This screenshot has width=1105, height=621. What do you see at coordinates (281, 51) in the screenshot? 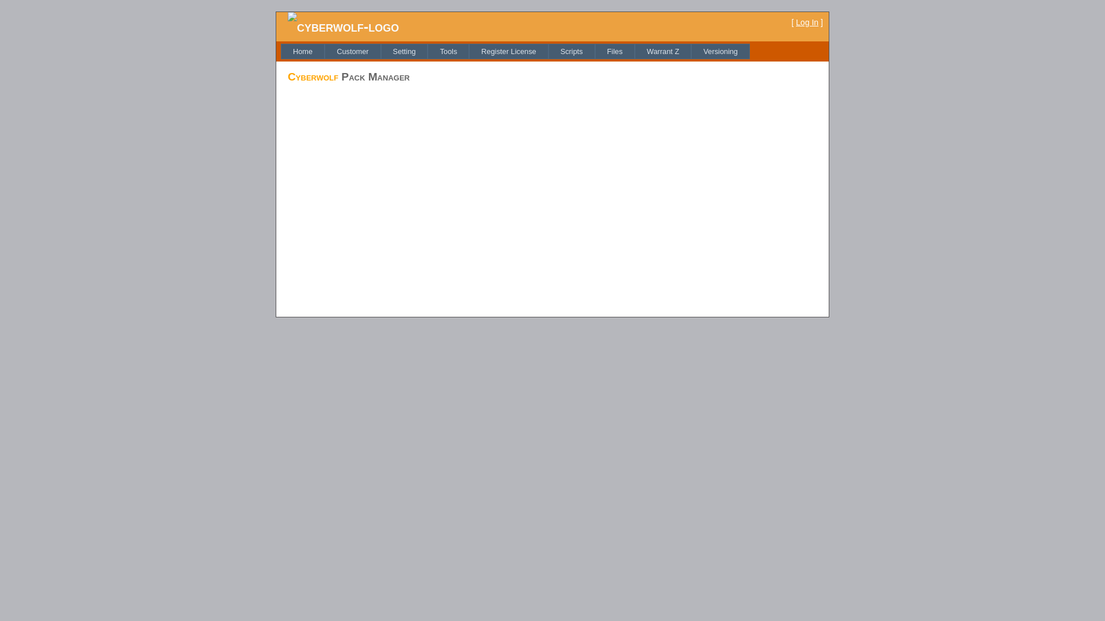
I see `'Home'` at bounding box center [281, 51].